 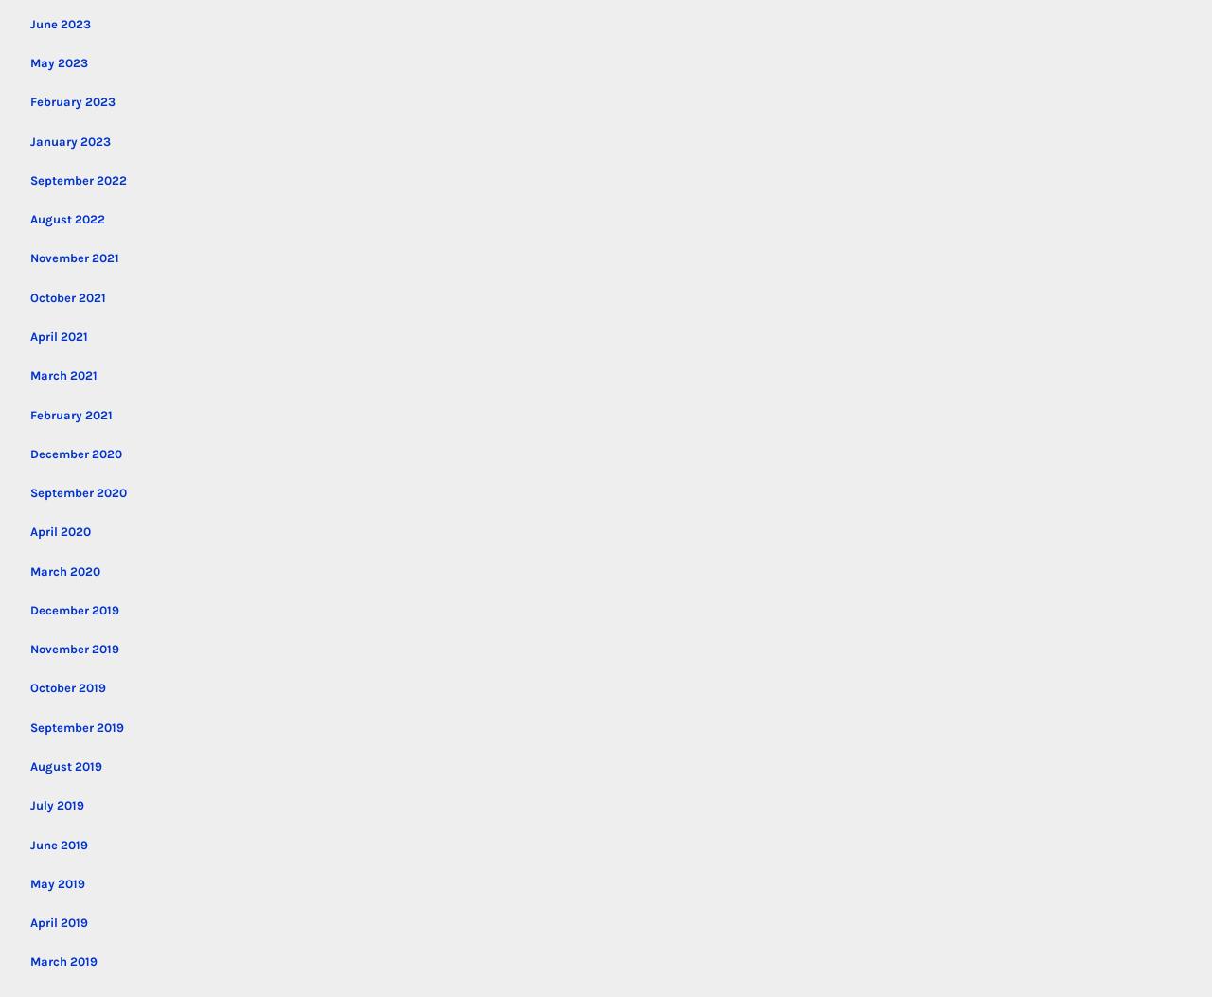 What do you see at coordinates (66, 766) in the screenshot?
I see `'August 2019'` at bounding box center [66, 766].